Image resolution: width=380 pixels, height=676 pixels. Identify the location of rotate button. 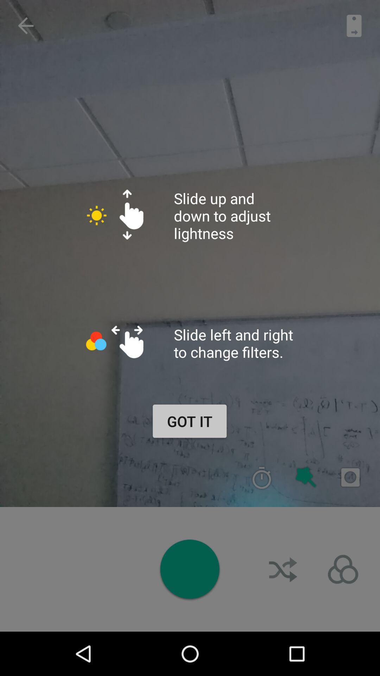
(283, 569).